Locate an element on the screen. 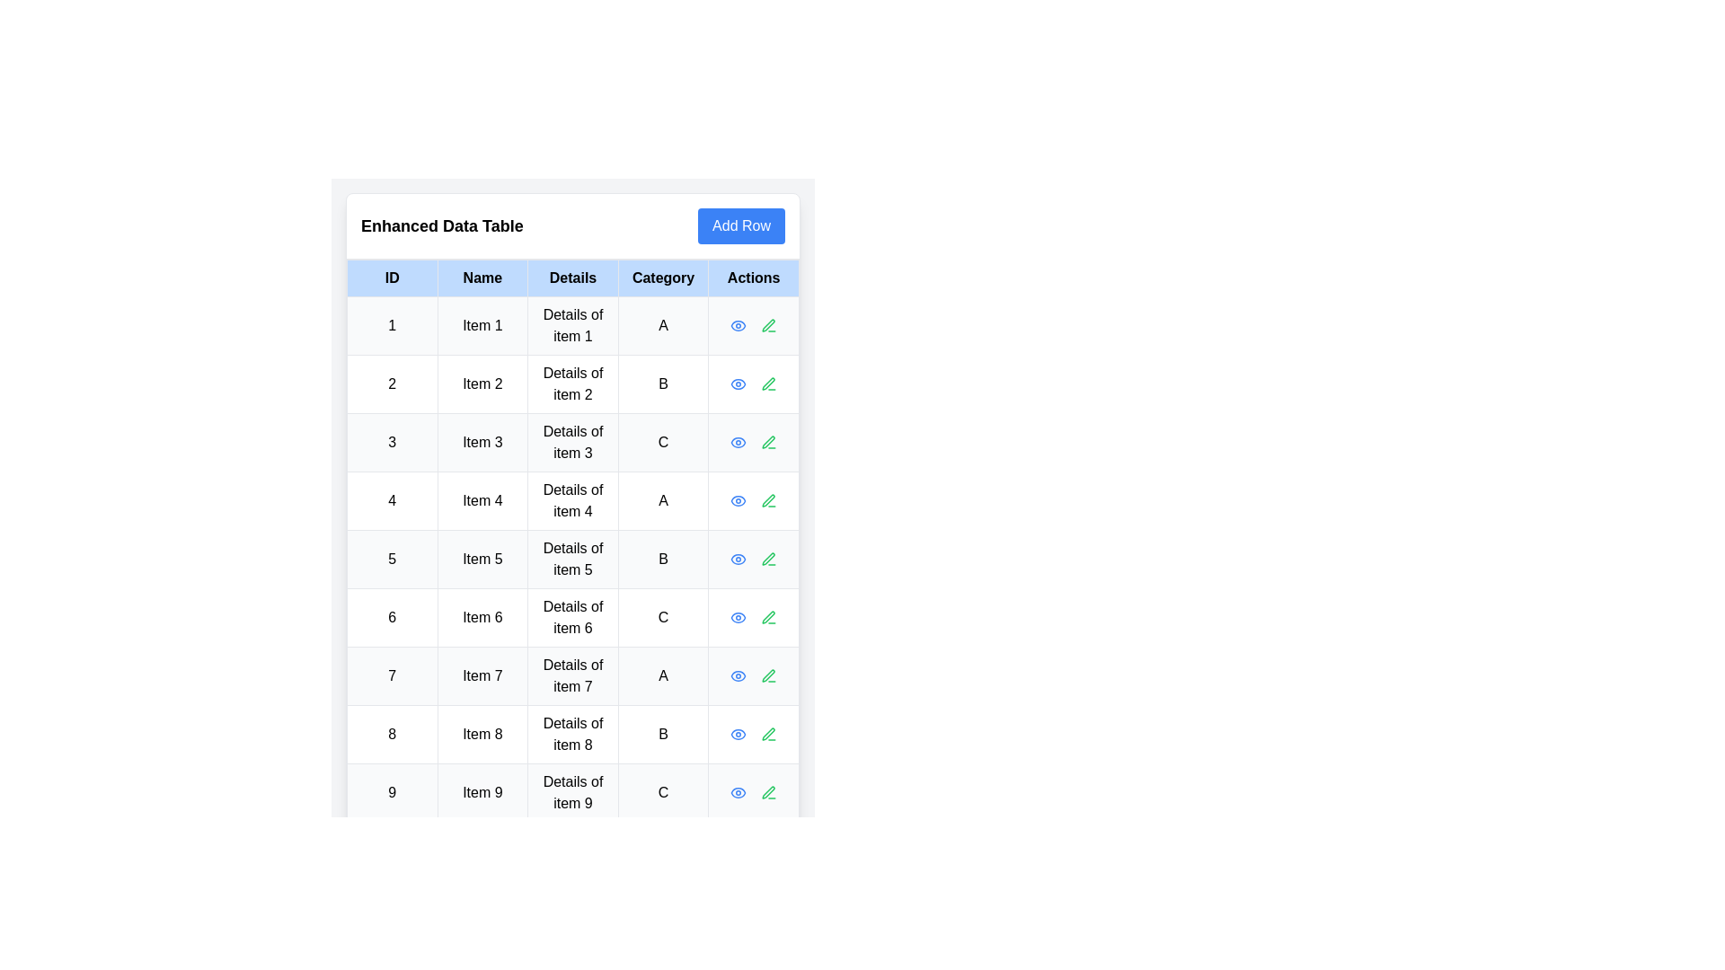 This screenshot has width=1725, height=970. the keyboard navigation on the eye icon button located in the 'Actions' column of the seventh row for 'Item 7' is located at coordinates (739, 675).